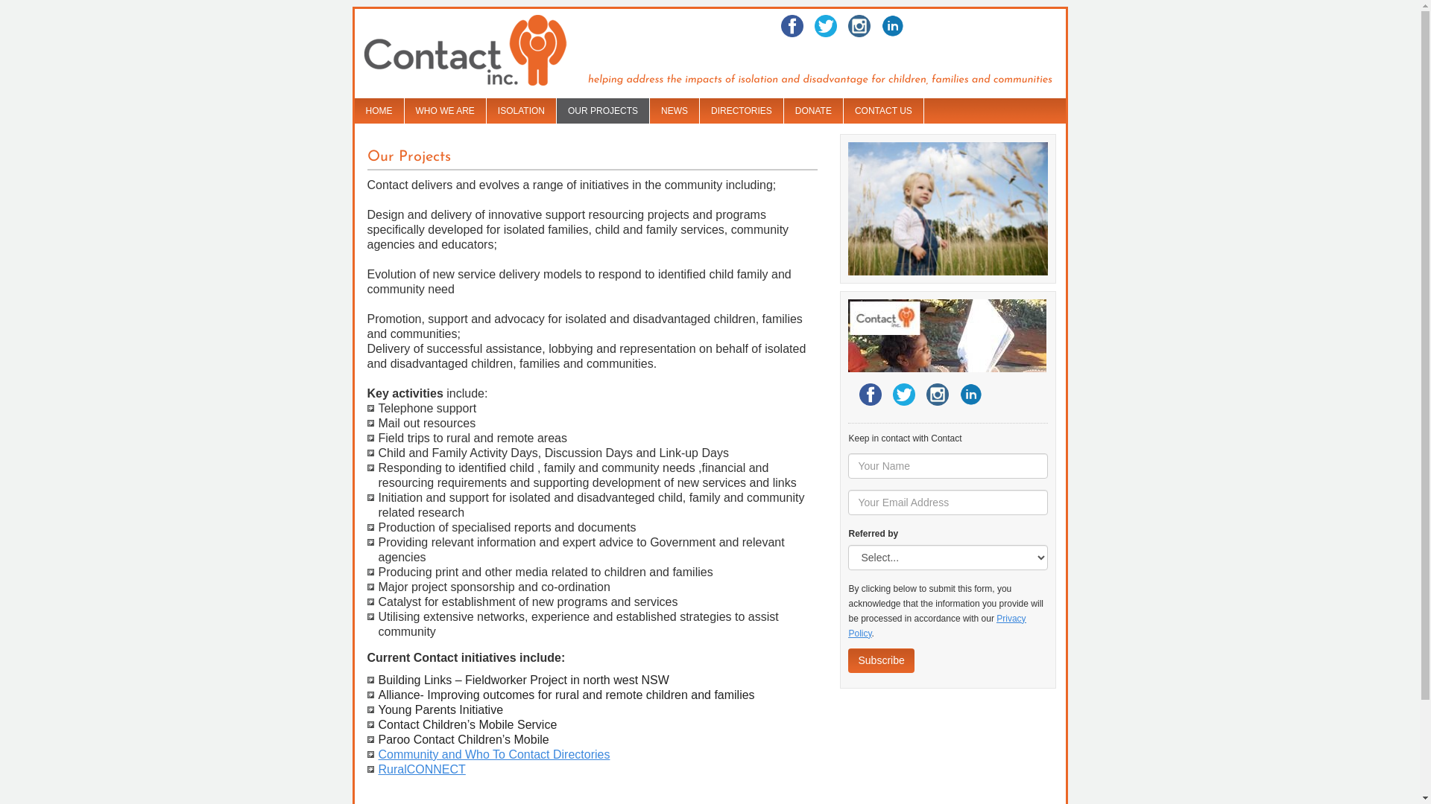 This screenshot has height=804, width=1431. I want to click on 'Facebook', so click(870, 393).